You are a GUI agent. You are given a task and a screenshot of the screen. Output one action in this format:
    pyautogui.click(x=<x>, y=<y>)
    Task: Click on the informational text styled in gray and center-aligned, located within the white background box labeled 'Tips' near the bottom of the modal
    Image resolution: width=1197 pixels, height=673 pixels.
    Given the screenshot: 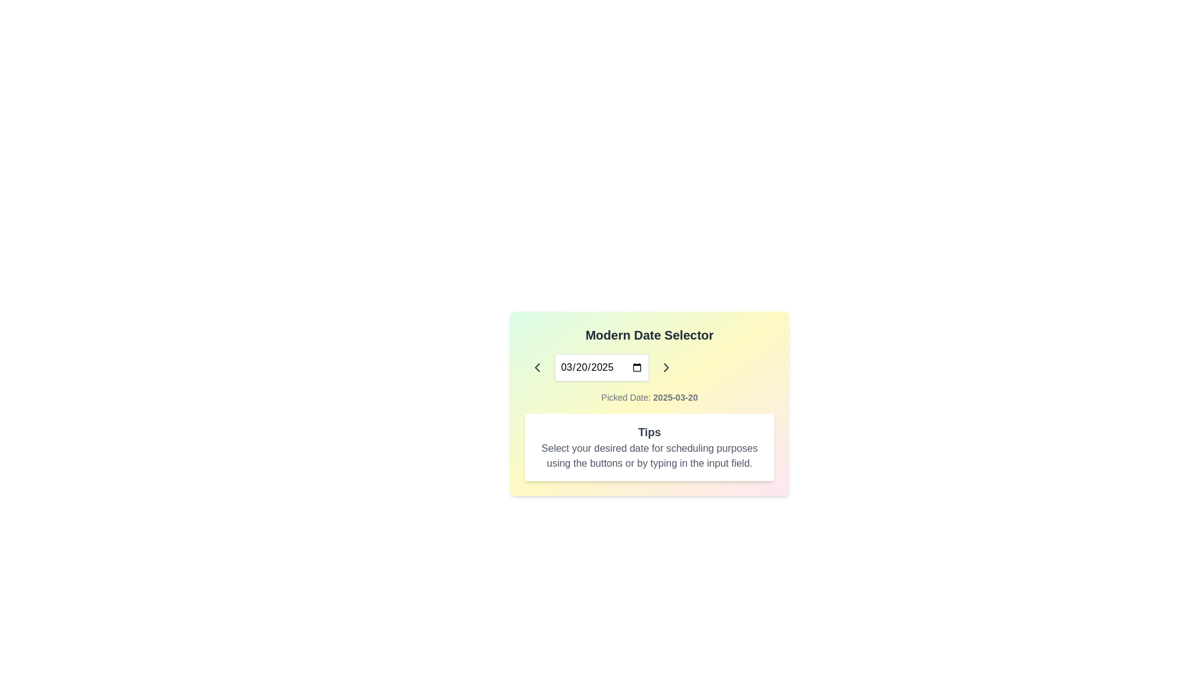 What is the action you would take?
    pyautogui.click(x=648, y=456)
    